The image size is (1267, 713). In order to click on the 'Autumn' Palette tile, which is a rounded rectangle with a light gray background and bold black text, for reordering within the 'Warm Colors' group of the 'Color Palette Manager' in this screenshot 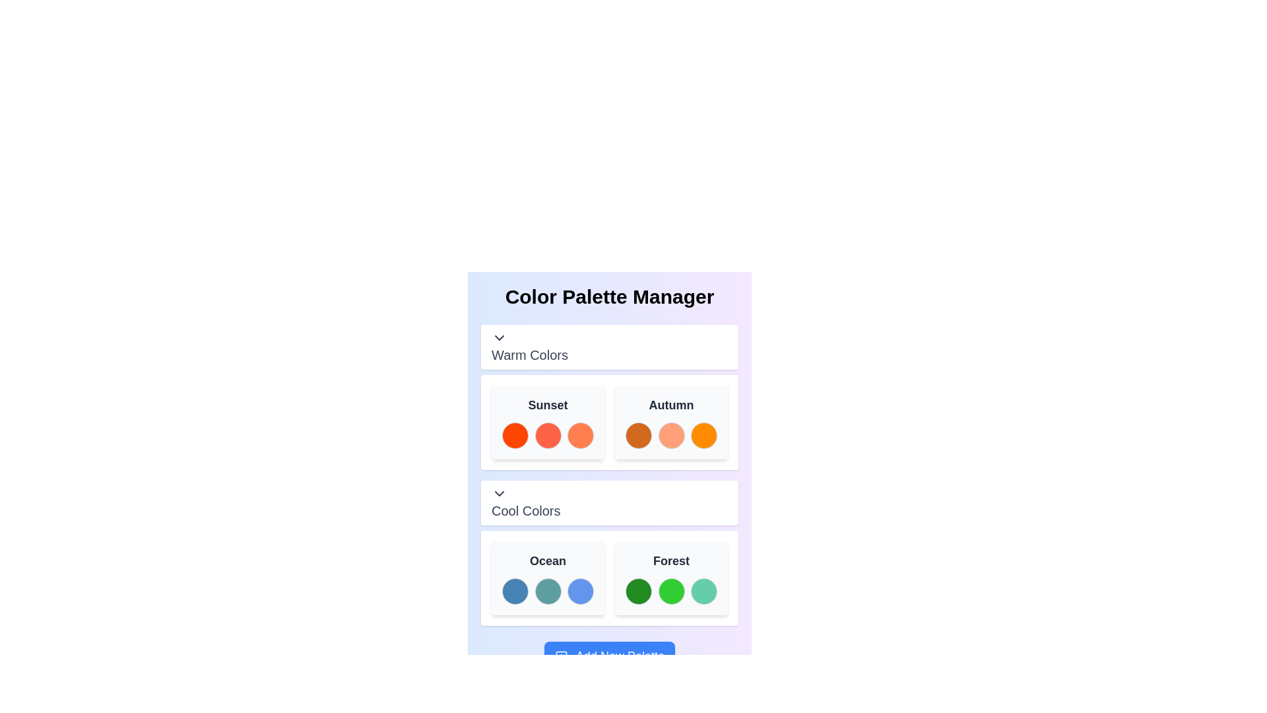, I will do `click(671, 423)`.